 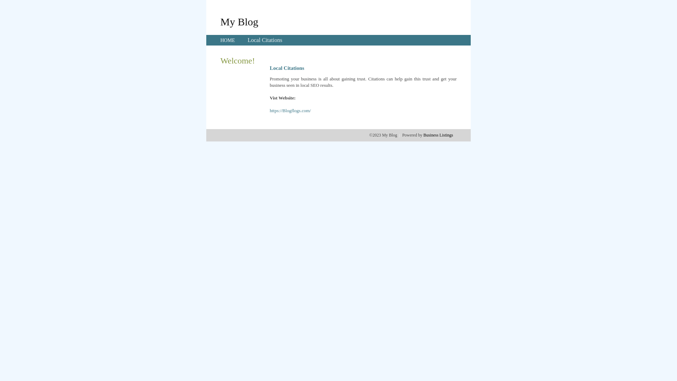 What do you see at coordinates (290, 110) in the screenshot?
I see `'https://Blogflogs.com/'` at bounding box center [290, 110].